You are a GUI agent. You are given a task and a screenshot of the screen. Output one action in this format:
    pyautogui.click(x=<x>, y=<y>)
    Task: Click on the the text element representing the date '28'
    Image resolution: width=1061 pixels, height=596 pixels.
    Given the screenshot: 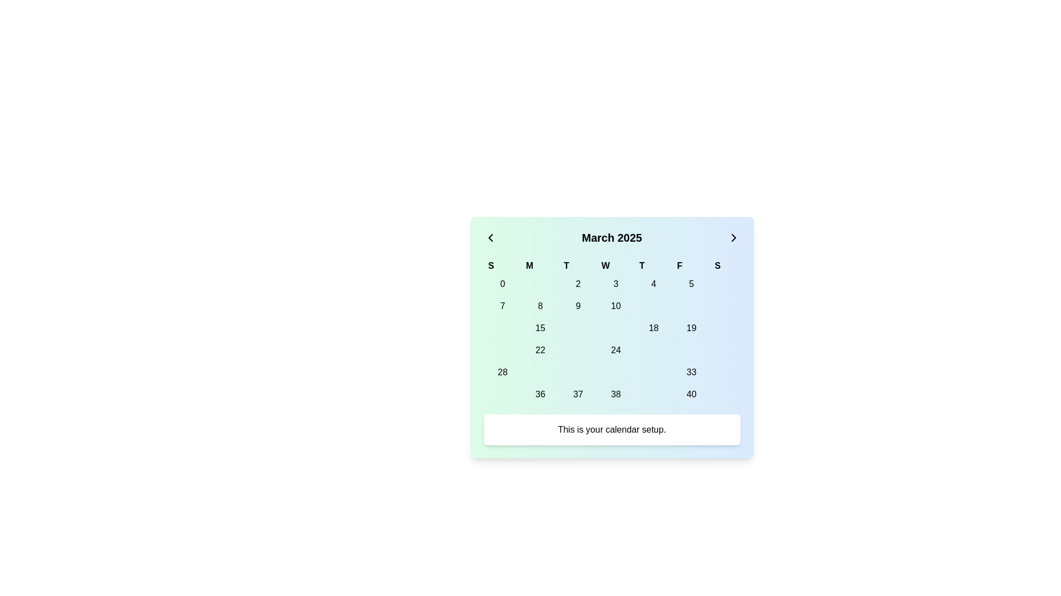 What is the action you would take?
    pyautogui.click(x=502, y=372)
    